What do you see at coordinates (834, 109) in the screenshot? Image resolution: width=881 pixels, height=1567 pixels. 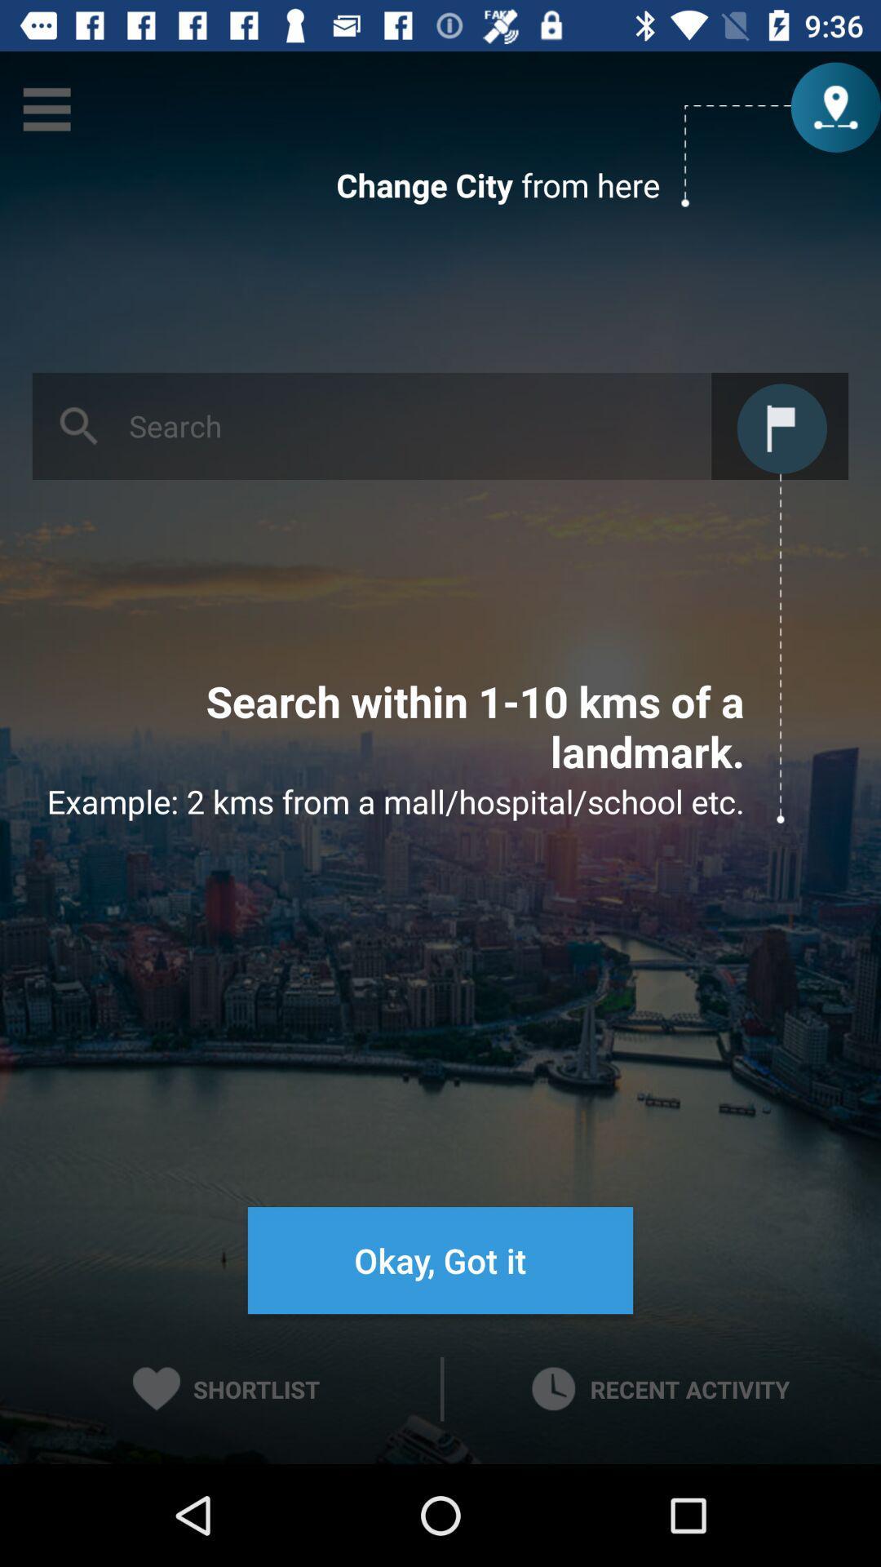 I see `the location icon` at bounding box center [834, 109].